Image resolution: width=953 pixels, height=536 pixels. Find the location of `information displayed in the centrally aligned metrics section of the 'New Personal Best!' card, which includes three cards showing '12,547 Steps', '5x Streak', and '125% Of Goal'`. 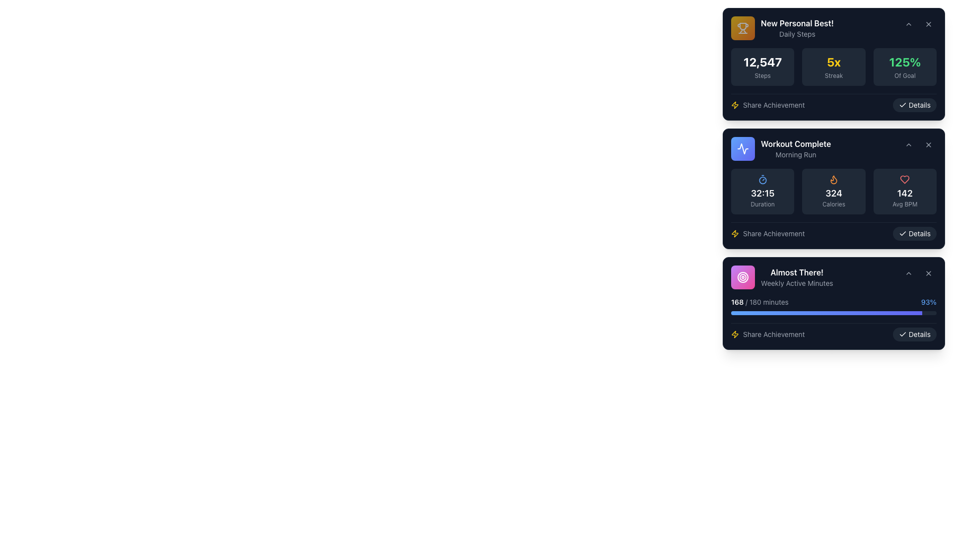

information displayed in the centrally aligned metrics section of the 'New Personal Best!' card, which includes three cards showing '12,547 Steps', '5x Streak', and '125% Of Goal' is located at coordinates (834, 79).